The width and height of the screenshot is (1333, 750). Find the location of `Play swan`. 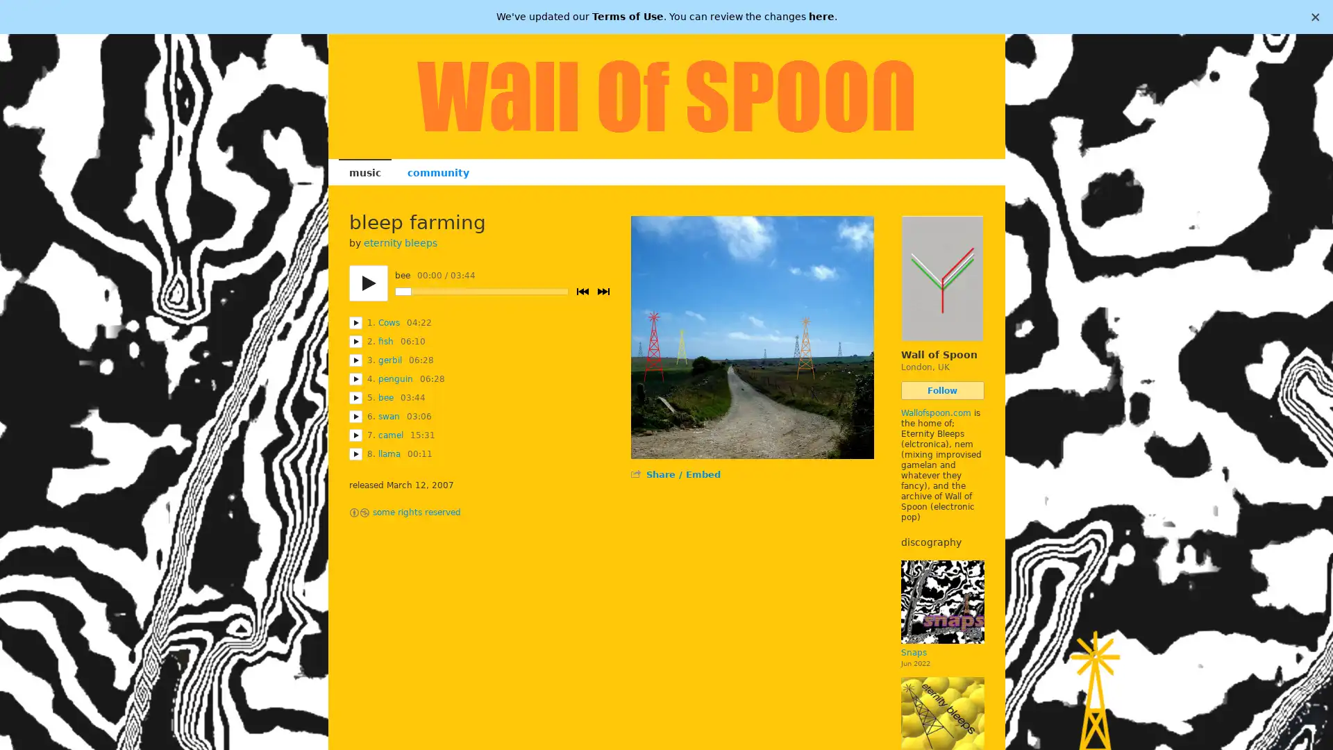

Play swan is located at coordinates (355, 416).